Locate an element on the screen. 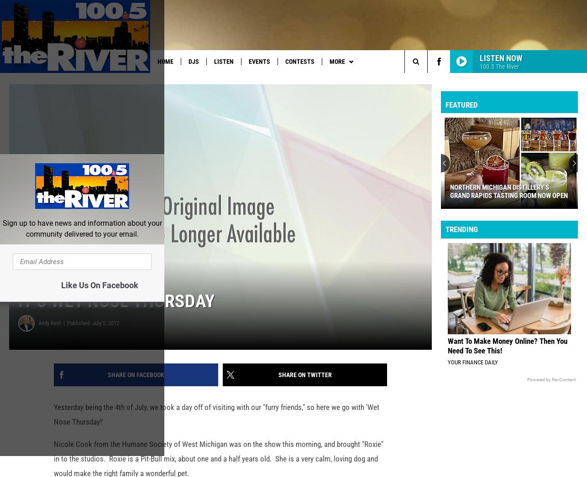  'Listen' is located at coordinates (213, 61).